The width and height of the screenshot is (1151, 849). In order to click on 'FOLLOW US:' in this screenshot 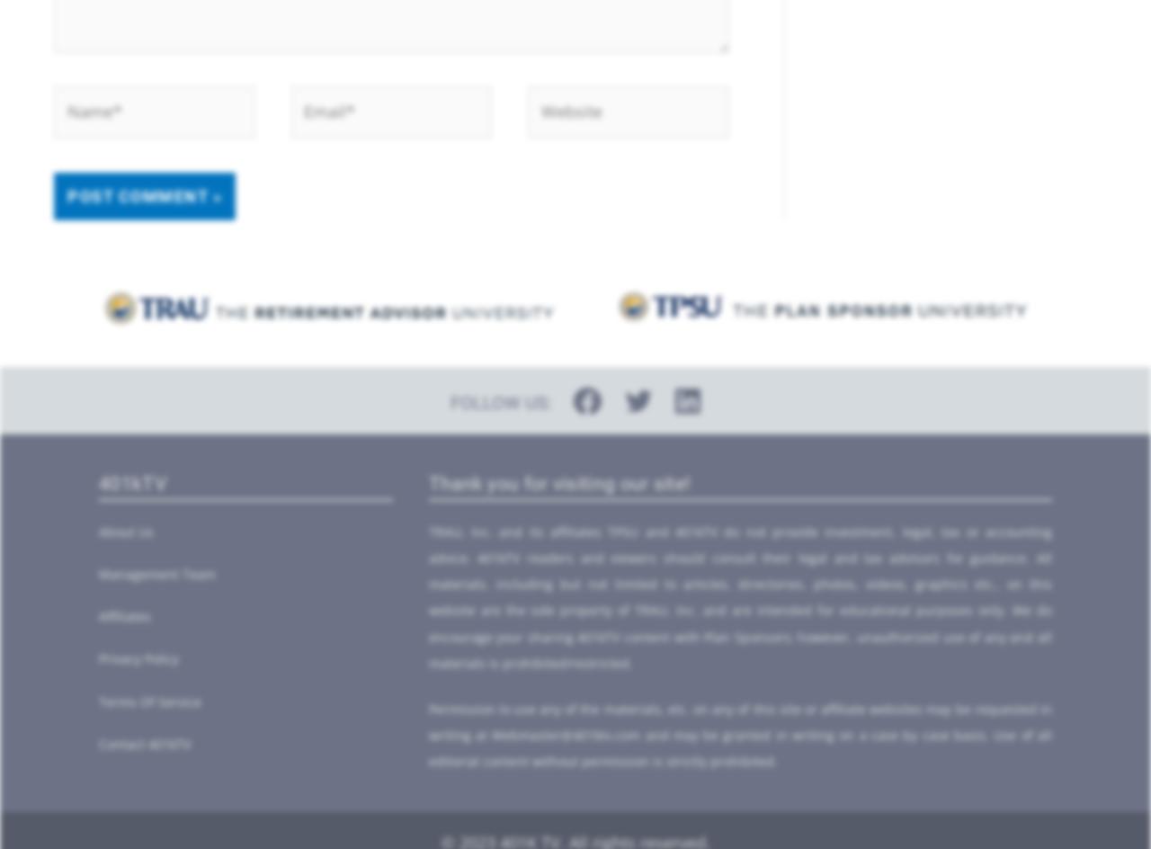, I will do `click(501, 402)`.